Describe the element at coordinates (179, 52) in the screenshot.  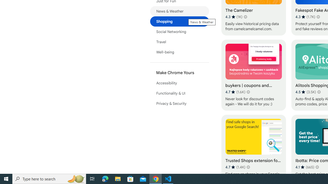
I see `'Well-being'` at that location.